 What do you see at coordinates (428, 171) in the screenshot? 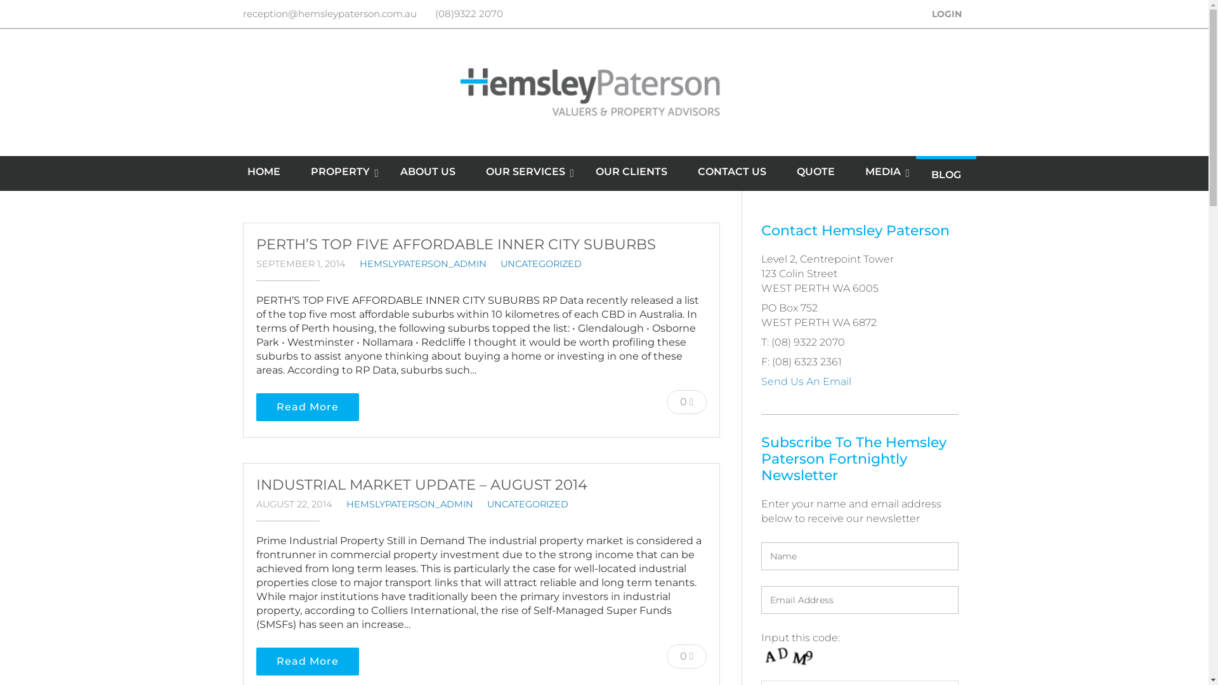
I see `'ABOUT US'` at bounding box center [428, 171].